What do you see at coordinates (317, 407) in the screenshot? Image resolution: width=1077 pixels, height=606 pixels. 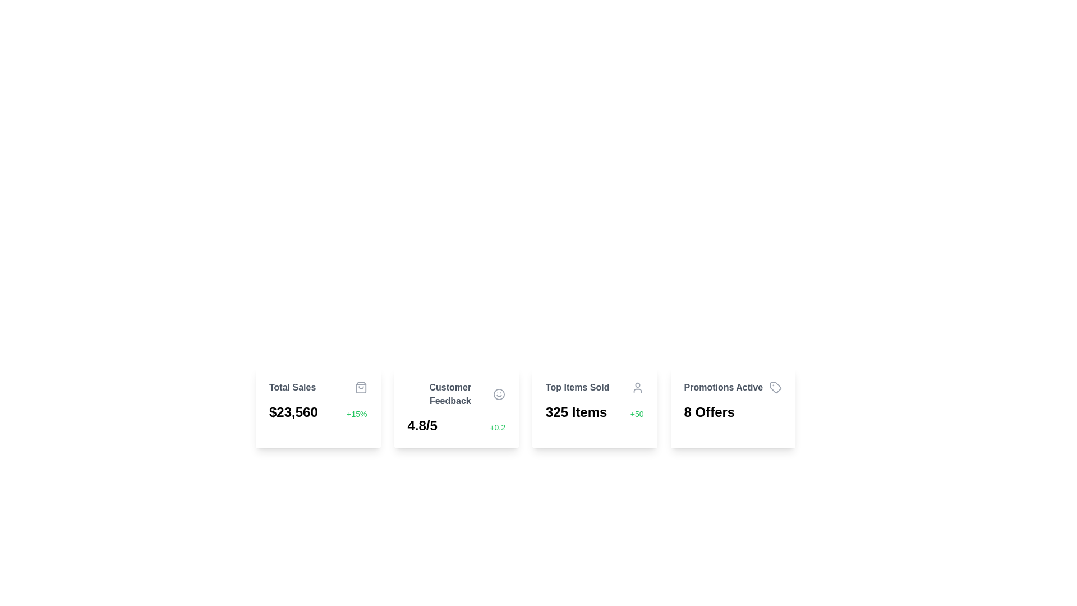 I see `the details displayed in the Informational Card that summarizes total sales, located at the top-left corner of the row of cards` at bounding box center [317, 407].